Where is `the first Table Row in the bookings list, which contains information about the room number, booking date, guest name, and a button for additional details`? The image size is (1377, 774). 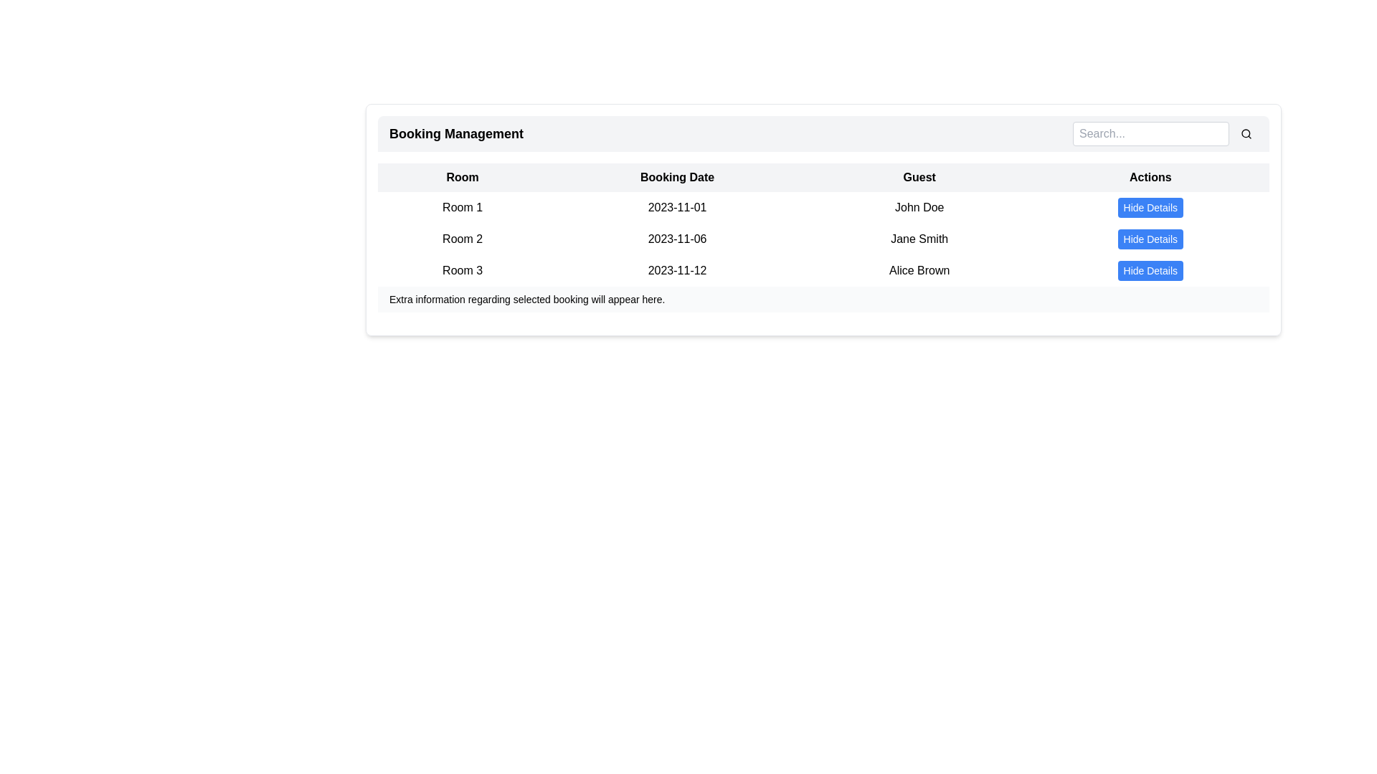 the first Table Row in the bookings list, which contains information about the room number, booking date, guest name, and a button for additional details is located at coordinates (823, 207).